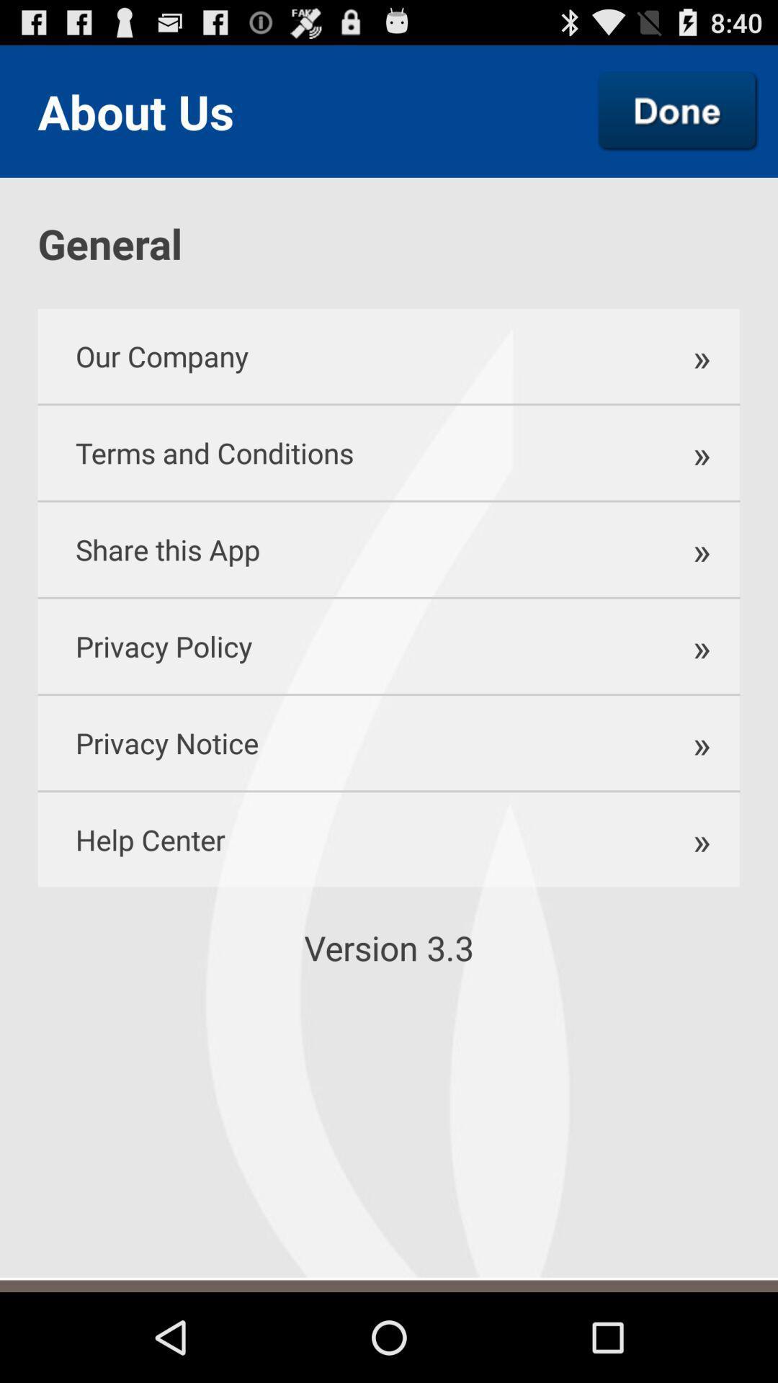  What do you see at coordinates (692, 839) in the screenshot?
I see `the button next to help center` at bounding box center [692, 839].